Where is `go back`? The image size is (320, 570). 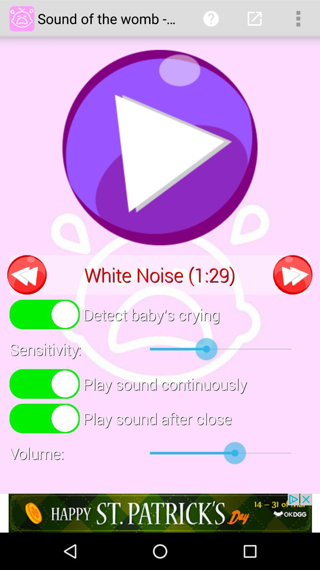 go back is located at coordinates (27, 274).